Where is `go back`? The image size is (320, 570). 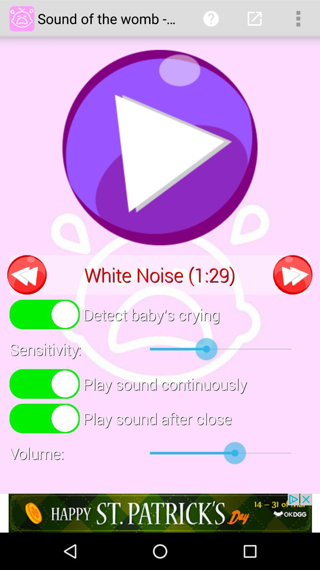 go back is located at coordinates (27, 274).